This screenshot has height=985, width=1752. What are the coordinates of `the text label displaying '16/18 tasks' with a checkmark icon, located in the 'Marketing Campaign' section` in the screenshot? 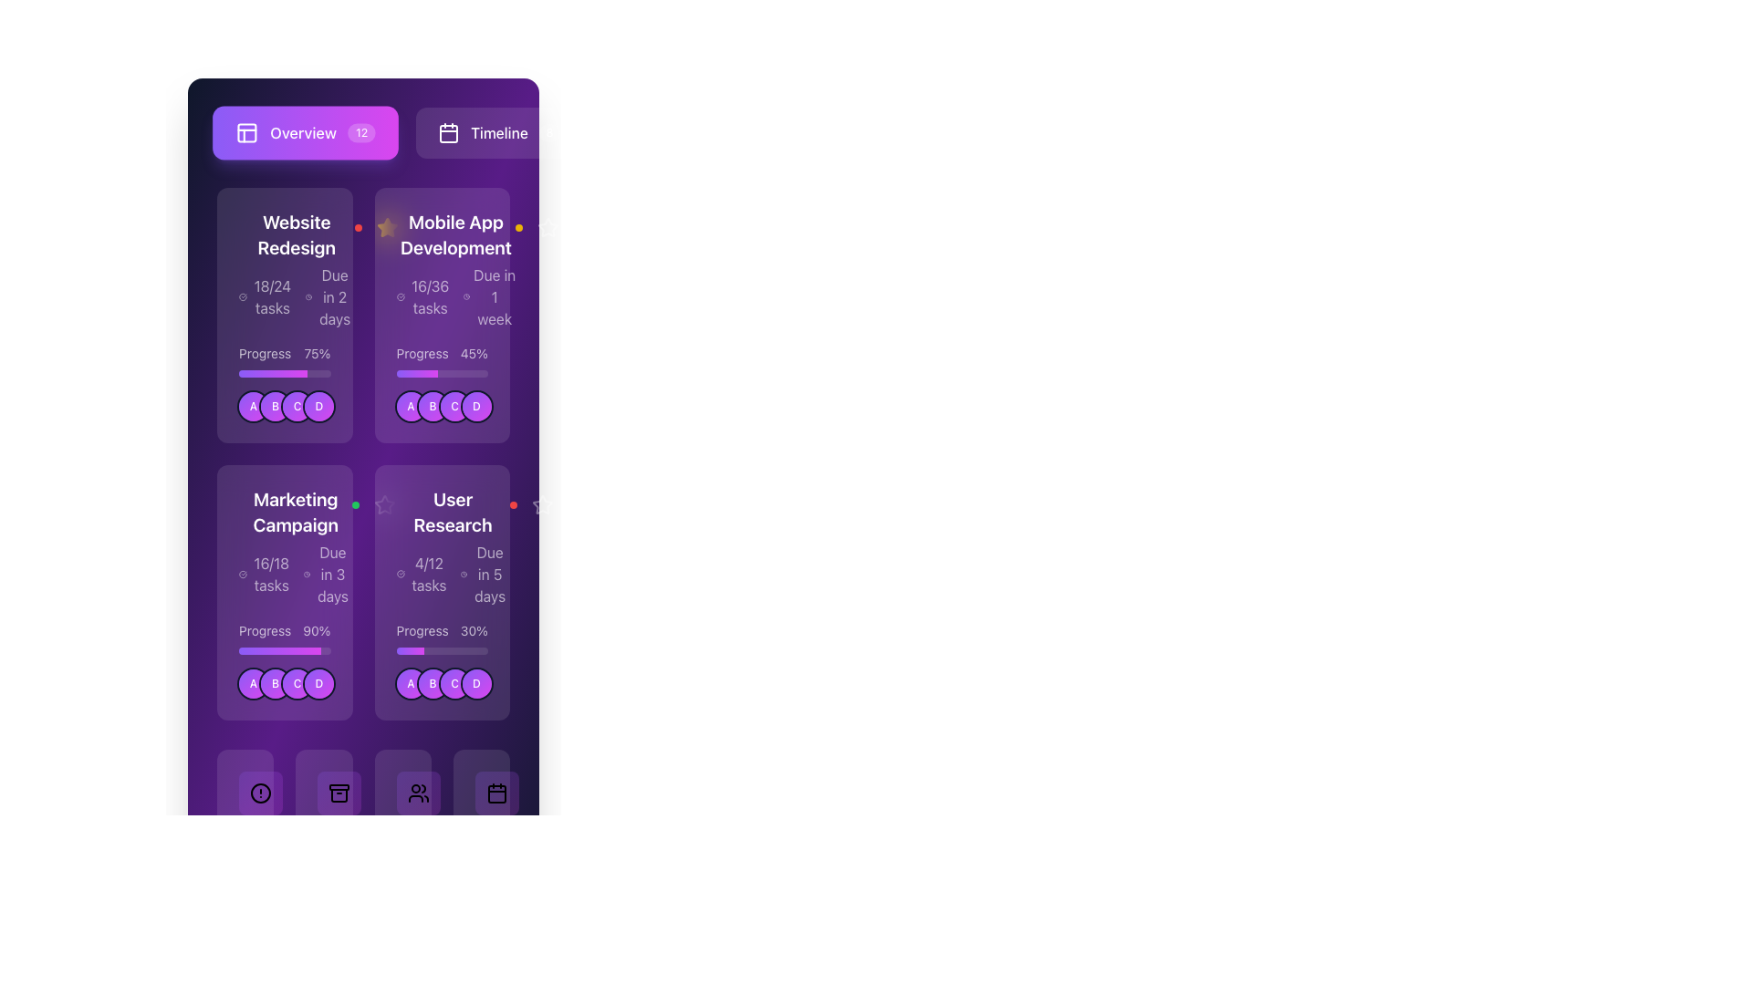 It's located at (265, 573).